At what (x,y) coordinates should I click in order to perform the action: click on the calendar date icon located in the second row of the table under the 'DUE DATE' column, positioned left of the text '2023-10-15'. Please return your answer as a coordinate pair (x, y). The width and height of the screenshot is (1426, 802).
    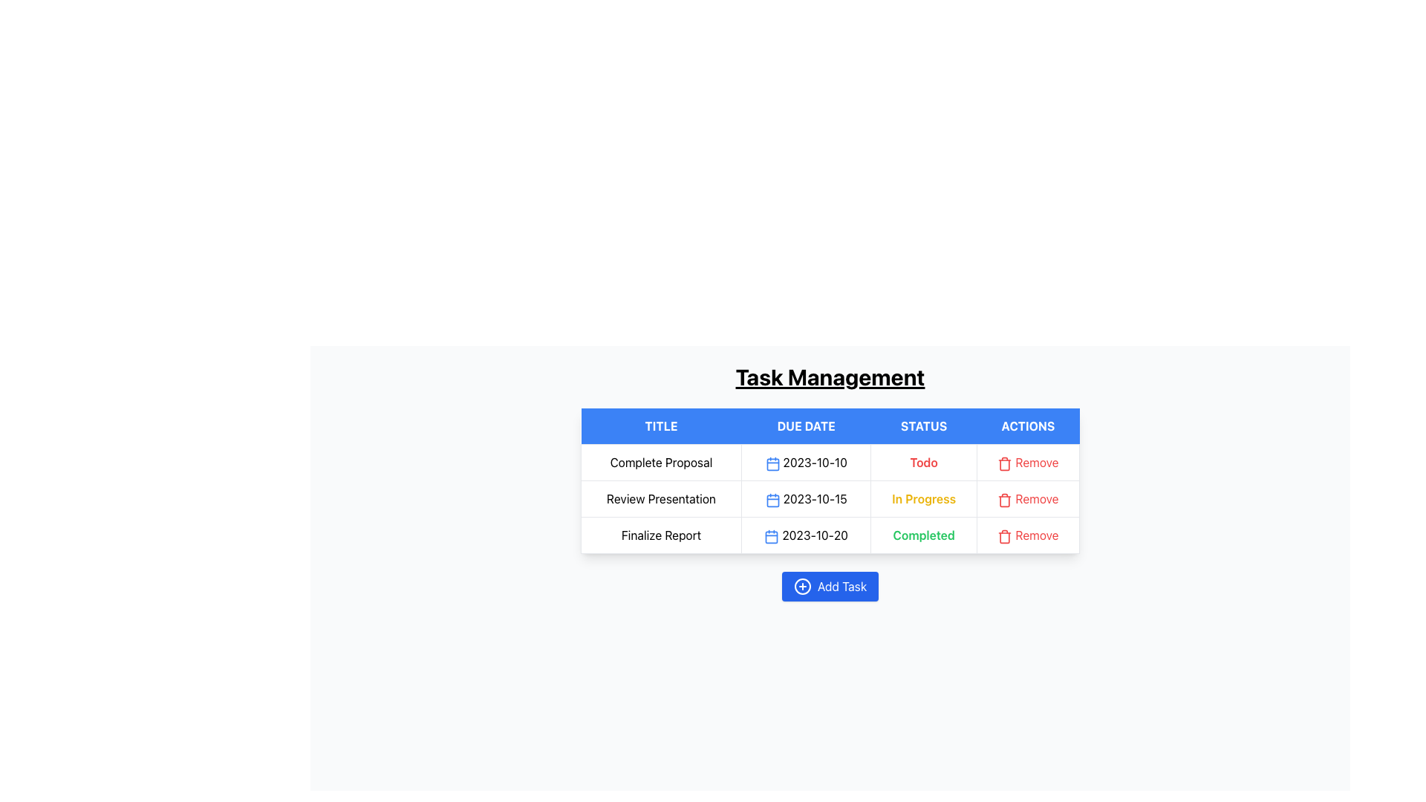
    Looking at the image, I should click on (772, 500).